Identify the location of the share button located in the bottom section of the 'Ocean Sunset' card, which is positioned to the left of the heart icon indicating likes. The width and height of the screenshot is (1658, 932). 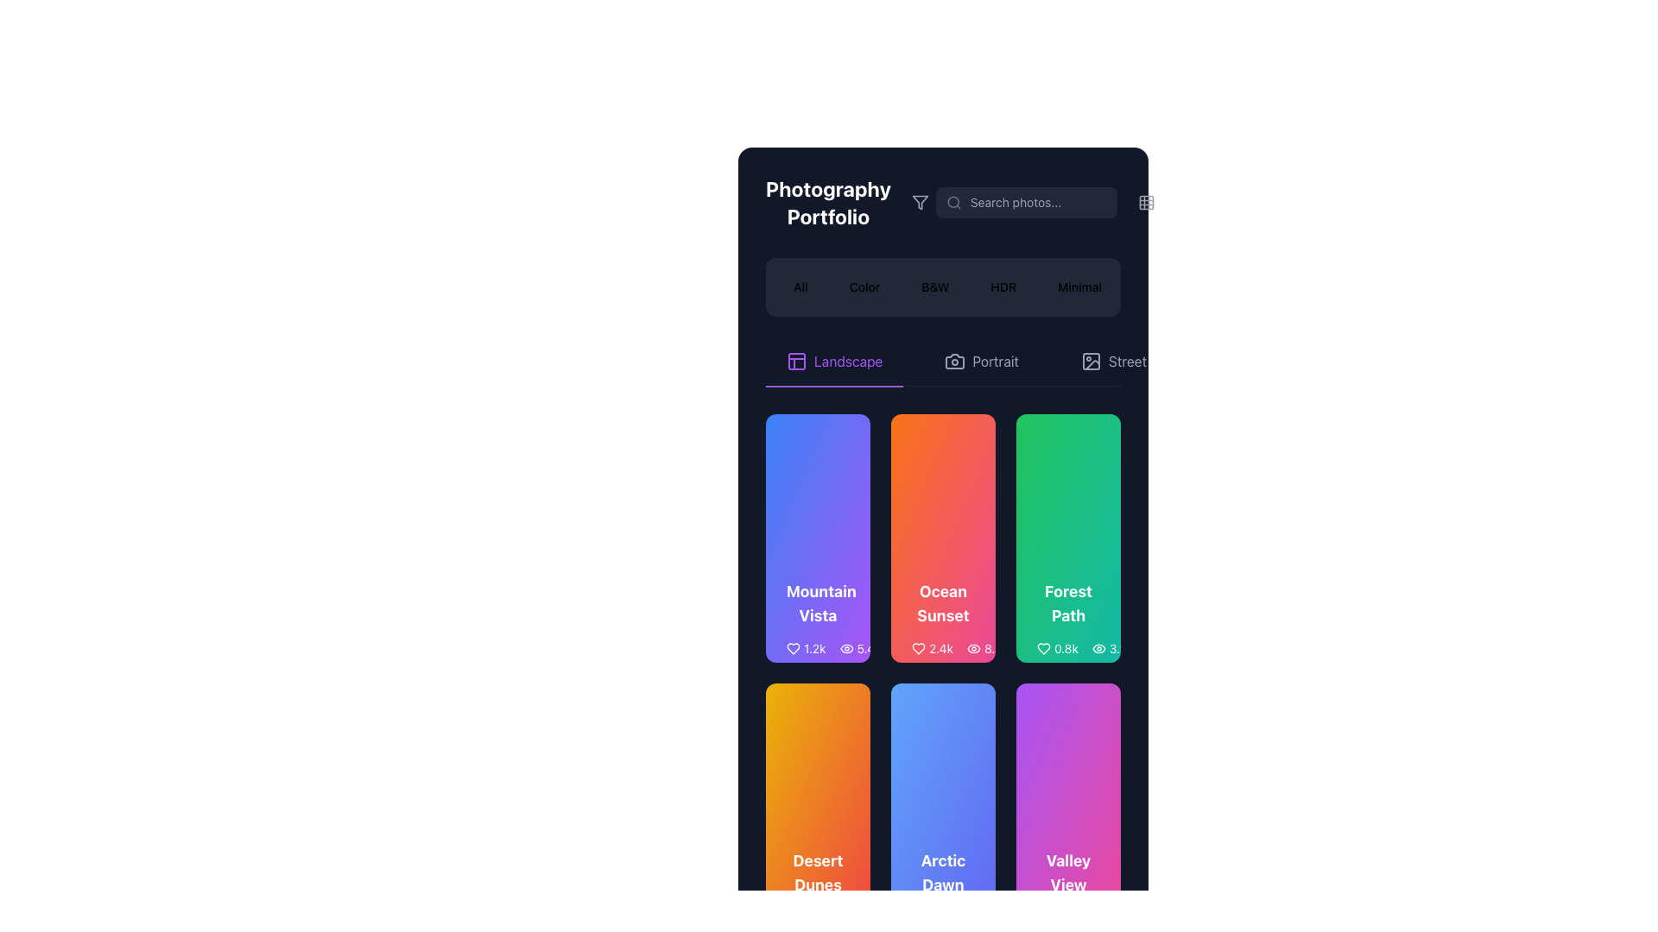
(895, 649).